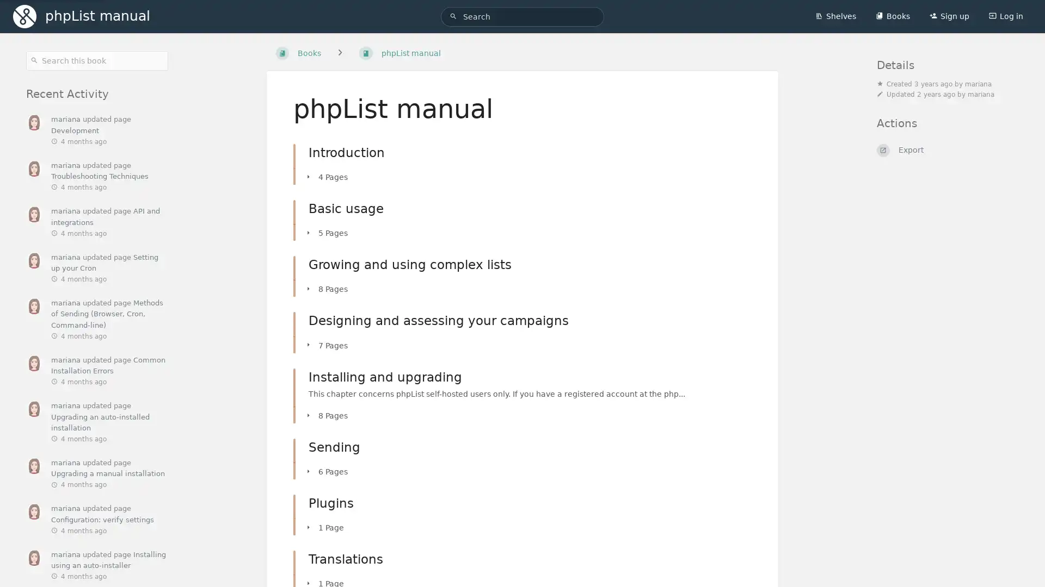 This screenshot has width=1045, height=587. What do you see at coordinates (454, 16) in the screenshot?
I see `Search` at bounding box center [454, 16].